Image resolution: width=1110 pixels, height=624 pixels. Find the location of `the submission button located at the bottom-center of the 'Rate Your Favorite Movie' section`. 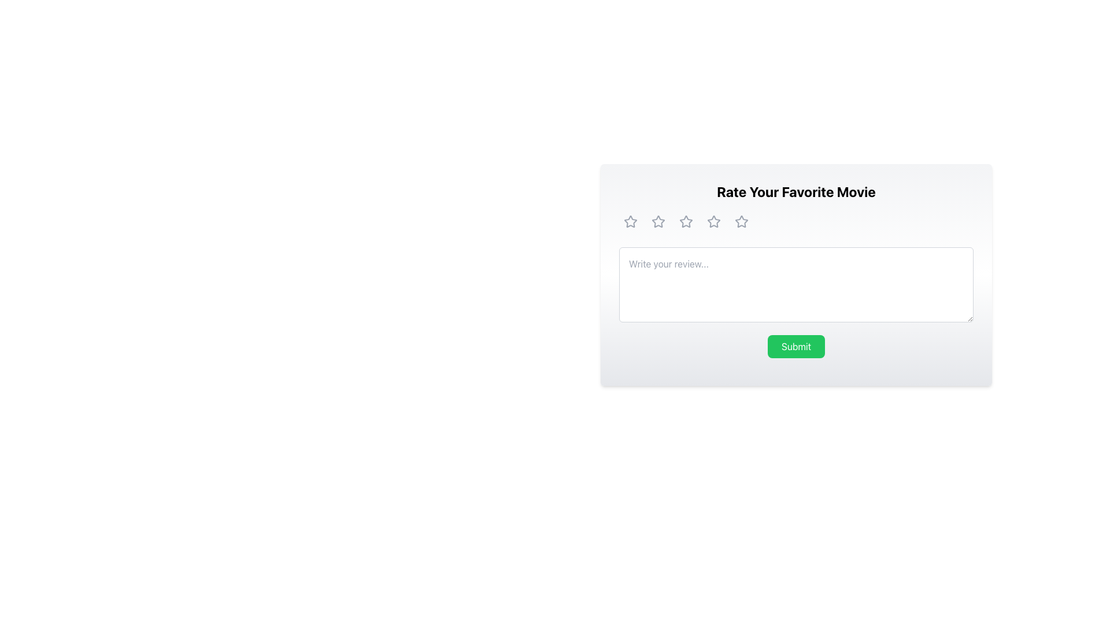

the submission button located at the bottom-center of the 'Rate Your Favorite Movie' section is located at coordinates (795, 346).